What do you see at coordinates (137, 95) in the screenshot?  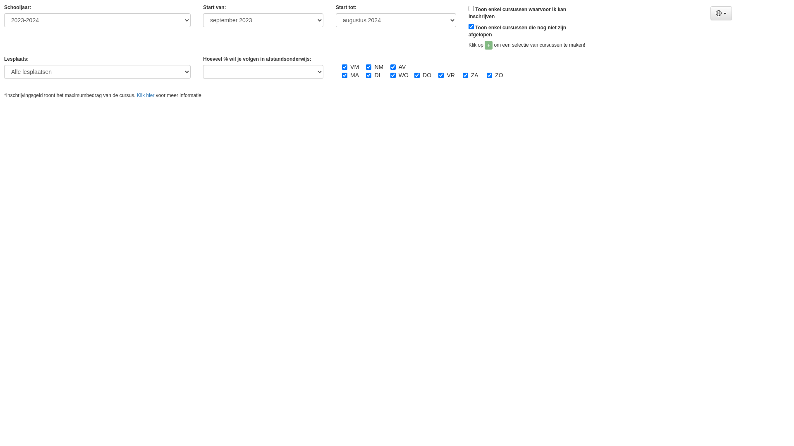 I see `'Klik hier'` at bounding box center [137, 95].